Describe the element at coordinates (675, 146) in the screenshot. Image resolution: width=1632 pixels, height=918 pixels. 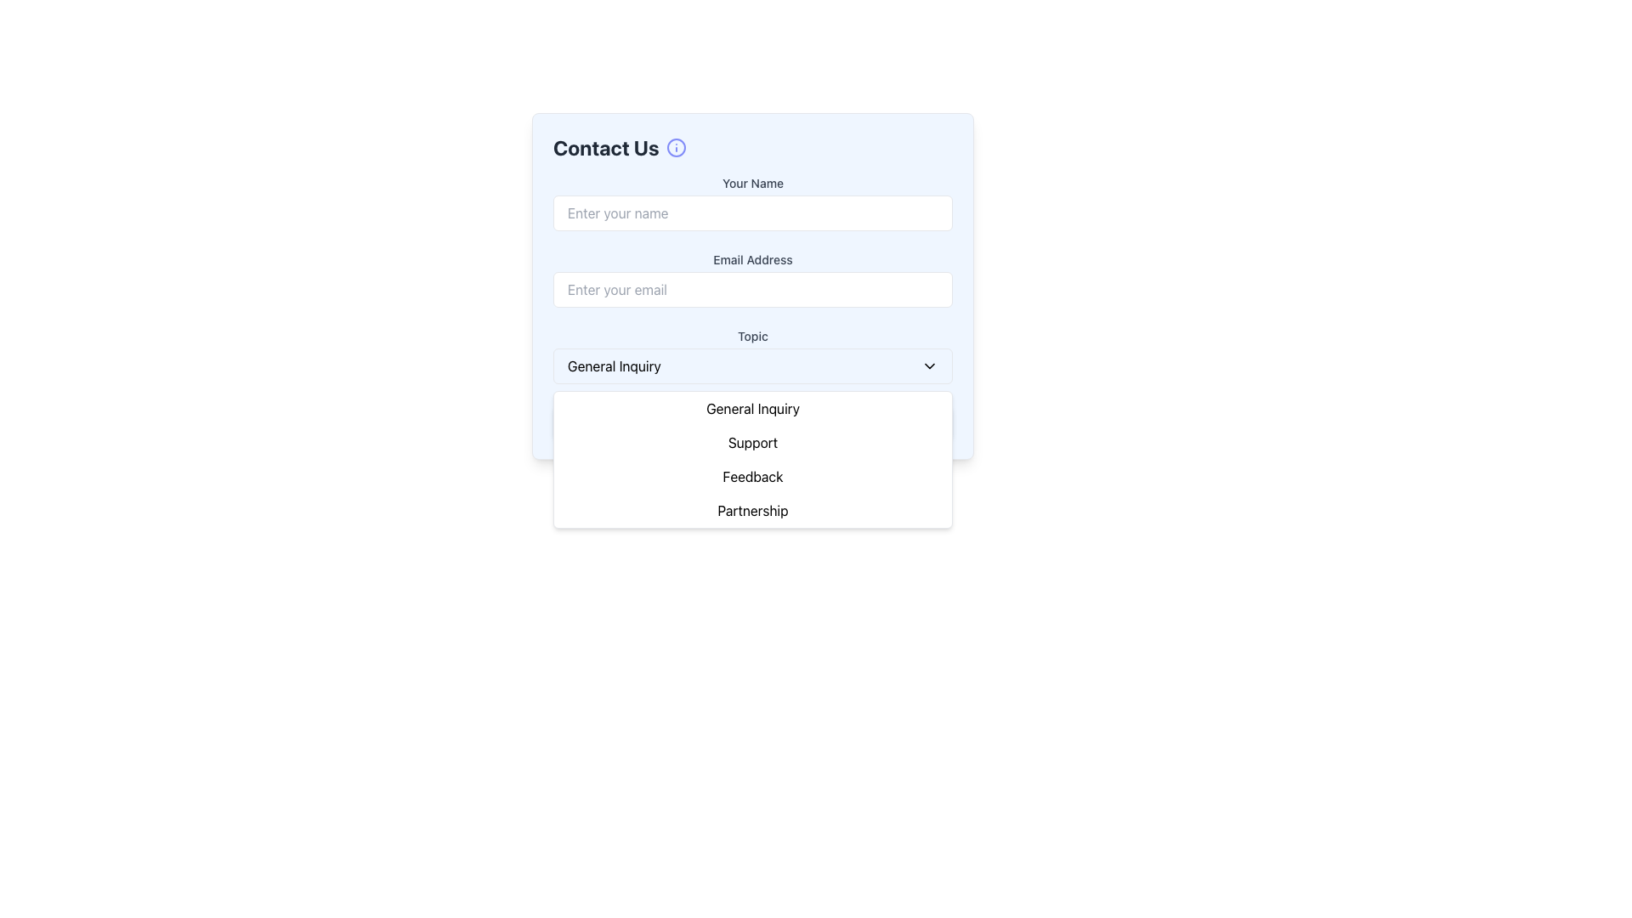
I see `the circular information icon with a light indigo outline, located to the right of the 'Contact Us' text label` at that location.